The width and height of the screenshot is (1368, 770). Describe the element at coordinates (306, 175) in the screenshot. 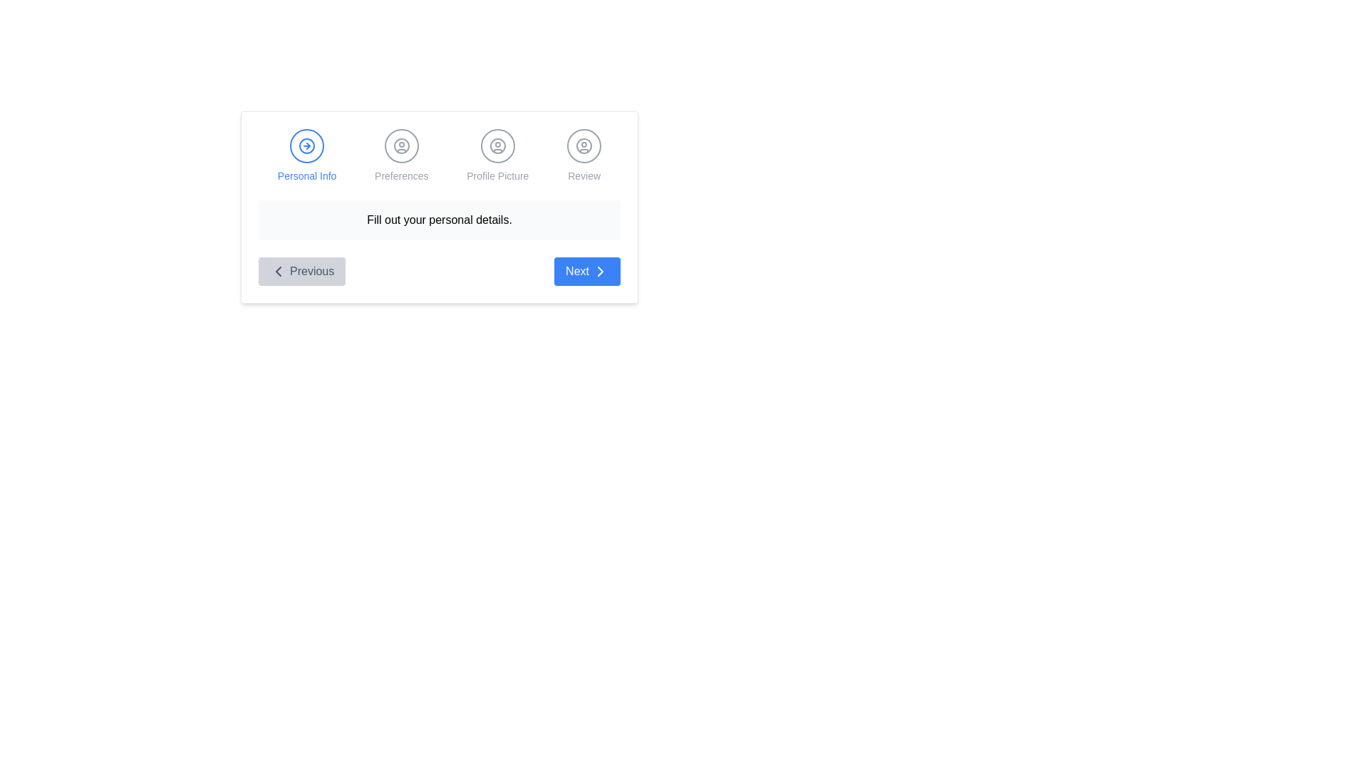

I see `the static text label that identifies the section or step of a process, located below the circular icon with an arrow symbol` at that location.